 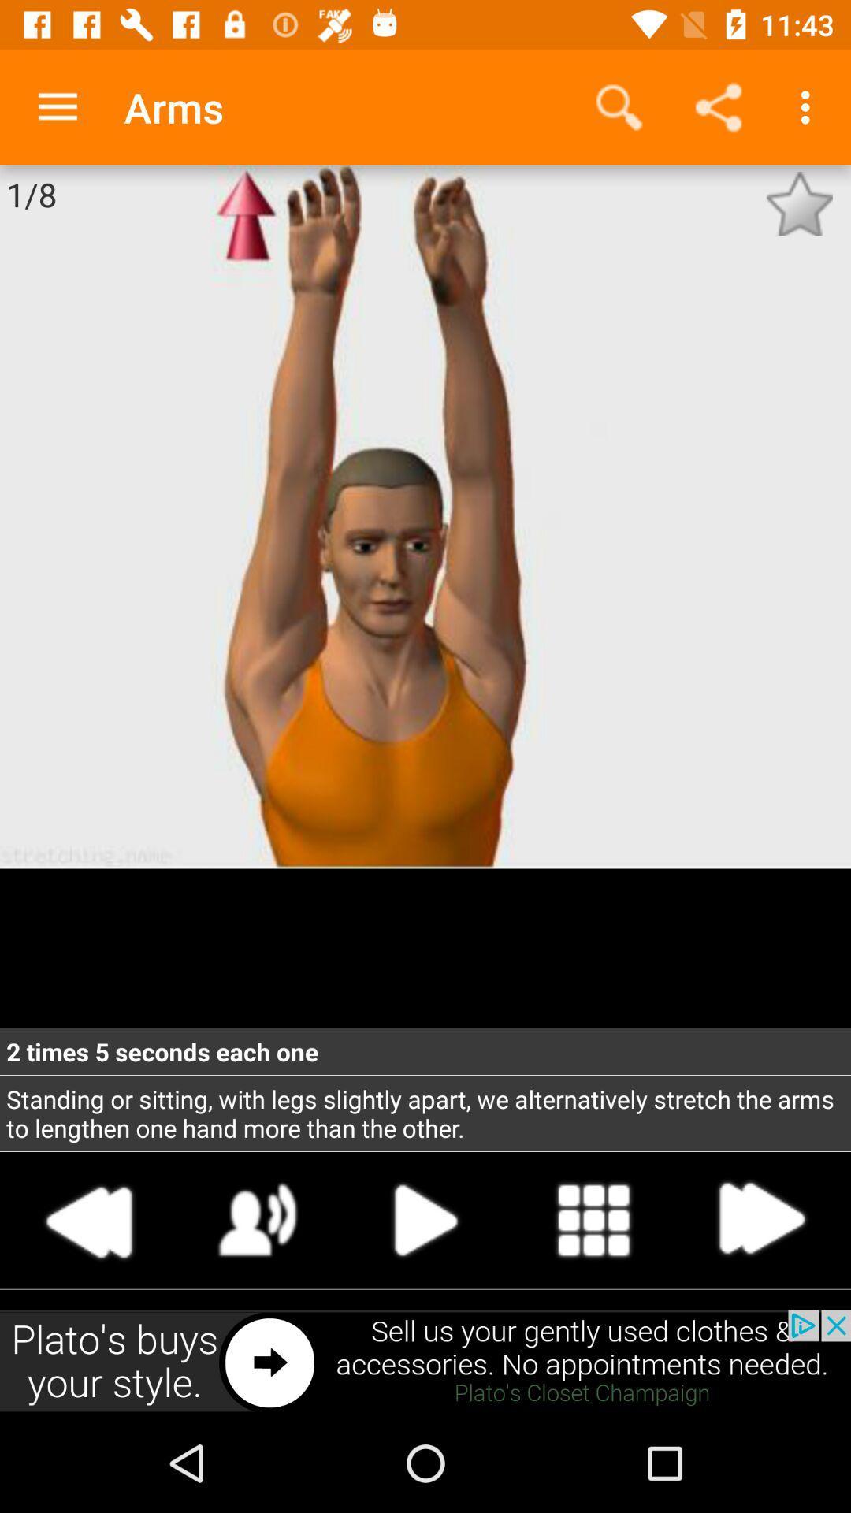 I want to click on next, so click(x=425, y=1219).